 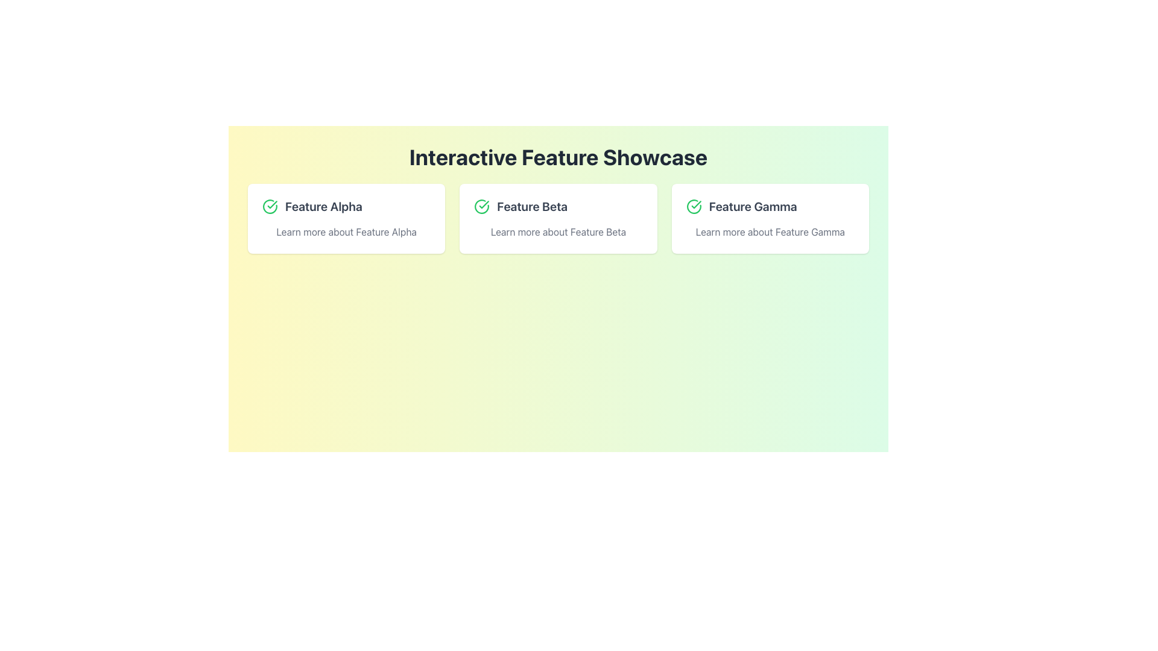 What do you see at coordinates (346, 232) in the screenshot?
I see `the Text Label below the main title` at bounding box center [346, 232].